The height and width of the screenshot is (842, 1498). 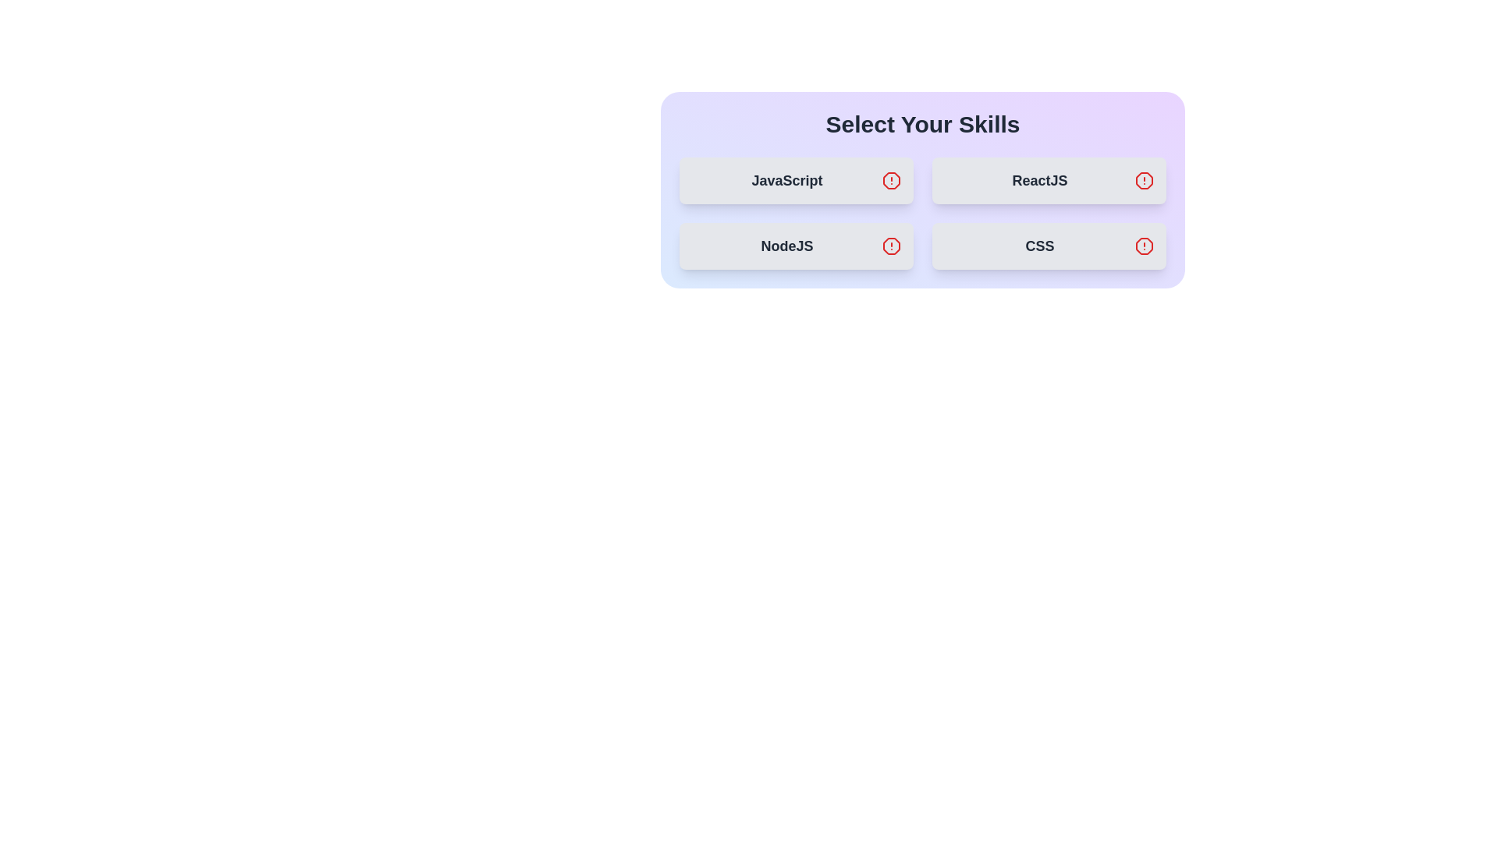 What do you see at coordinates (1049, 246) in the screenshot?
I see `the skill item CSS` at bounding box center [1049, 246].